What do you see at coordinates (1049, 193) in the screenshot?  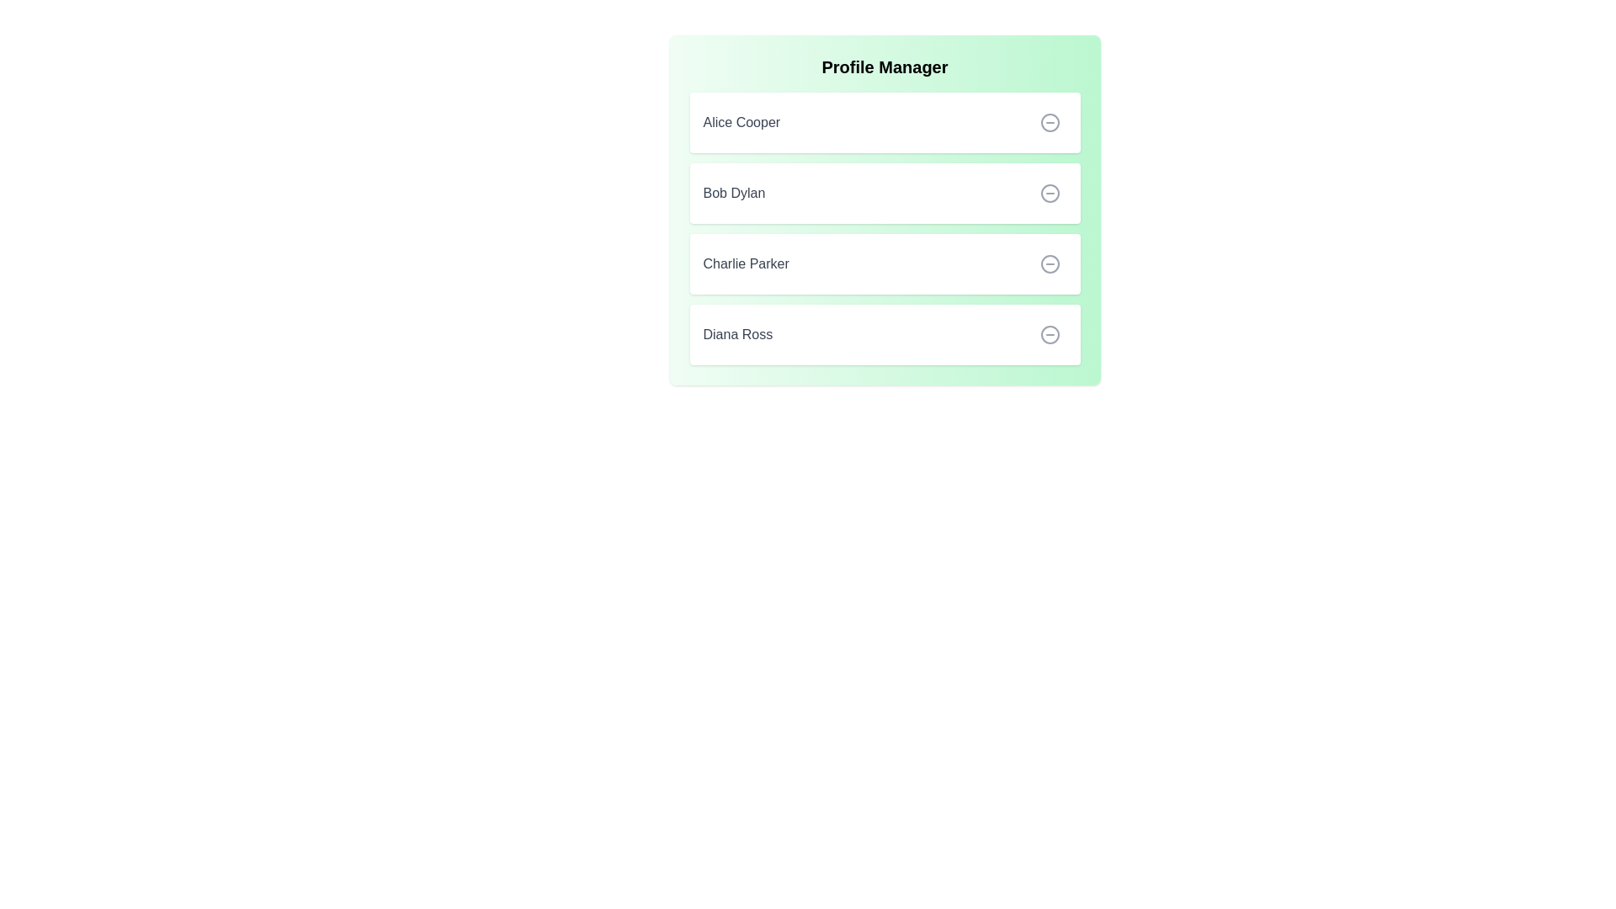 I see `toggle button for Bob Dylan to toggle their active state` at bounding box center [1049, 193].